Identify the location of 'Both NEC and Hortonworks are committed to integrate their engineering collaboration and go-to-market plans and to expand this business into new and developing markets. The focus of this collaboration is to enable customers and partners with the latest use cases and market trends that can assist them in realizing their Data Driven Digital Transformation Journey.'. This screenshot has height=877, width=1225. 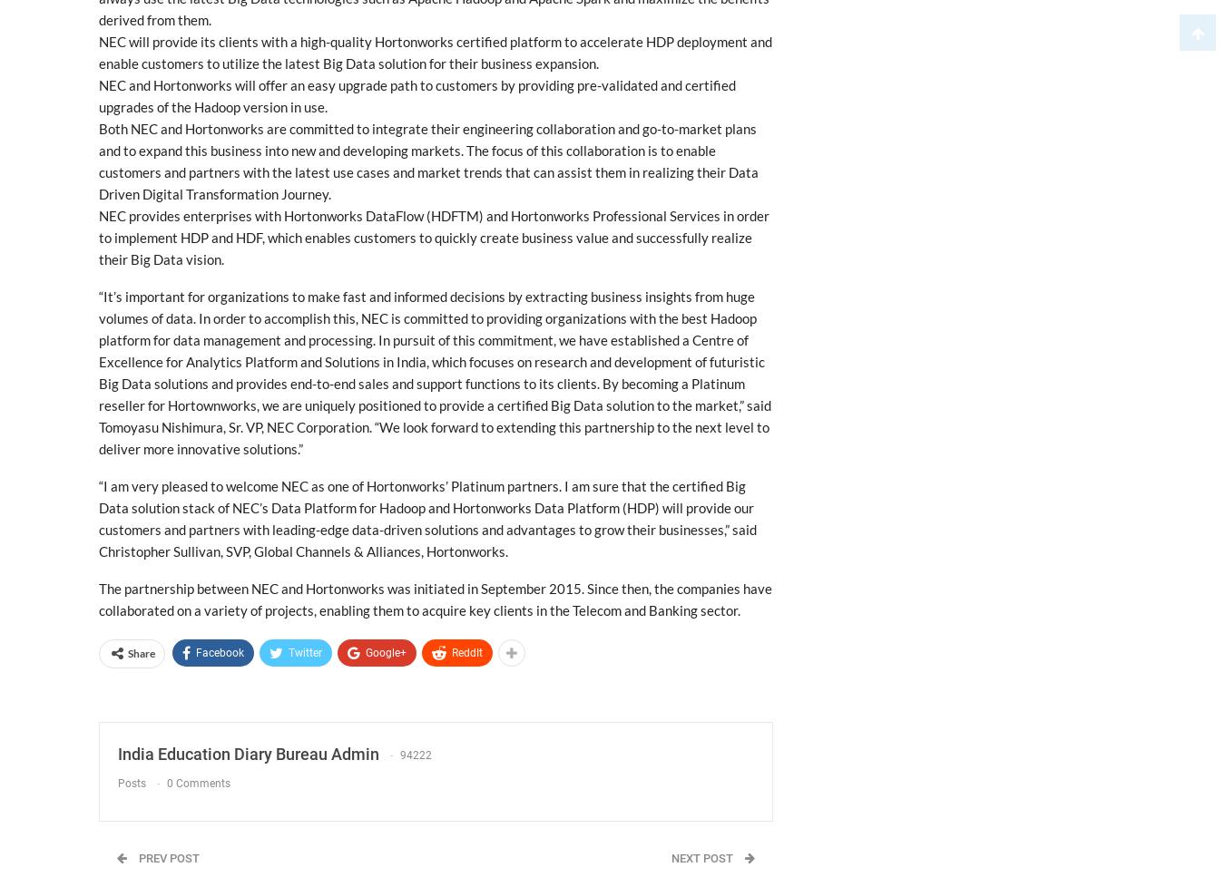
(427, 161).